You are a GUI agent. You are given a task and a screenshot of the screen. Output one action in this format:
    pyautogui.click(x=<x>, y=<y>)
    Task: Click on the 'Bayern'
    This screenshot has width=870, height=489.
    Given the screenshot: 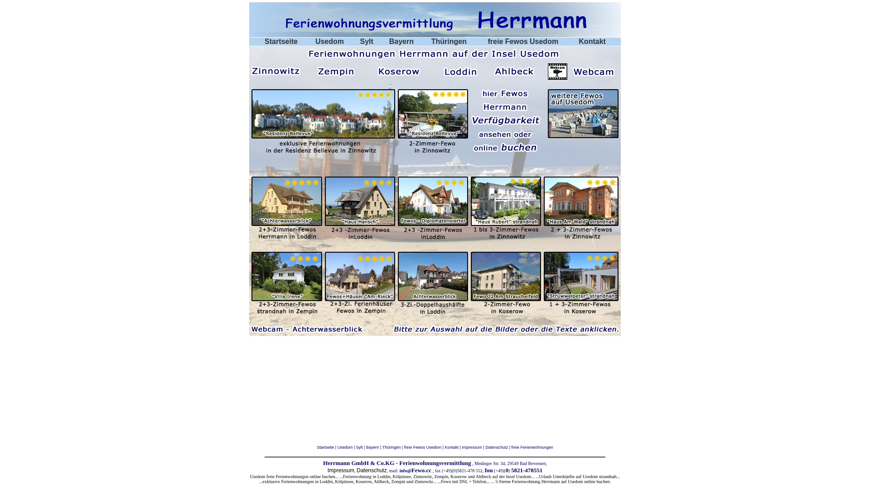 What is the action you would take?
    pyautogui.click(x=401, y=41)
    